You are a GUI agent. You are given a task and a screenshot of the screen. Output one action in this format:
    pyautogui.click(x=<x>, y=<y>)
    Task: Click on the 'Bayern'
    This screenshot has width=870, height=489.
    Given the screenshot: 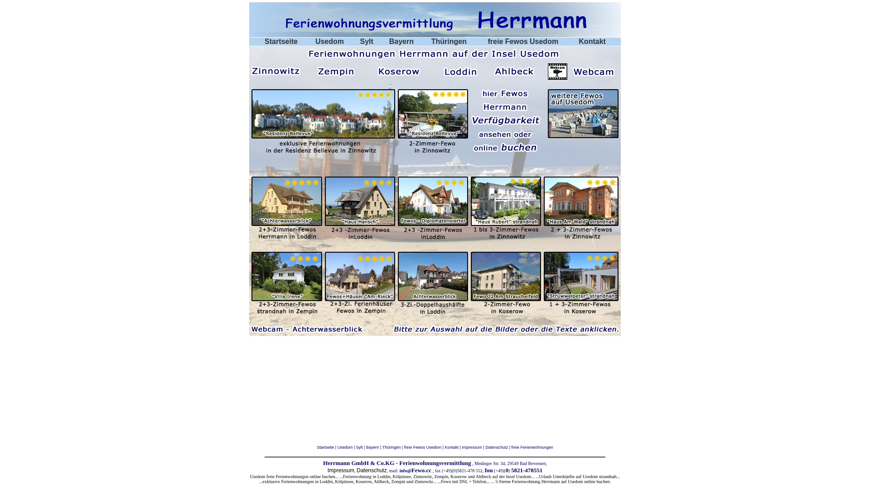 What is the action you would take?
    pyautogui.click(x=401, y=41)
    